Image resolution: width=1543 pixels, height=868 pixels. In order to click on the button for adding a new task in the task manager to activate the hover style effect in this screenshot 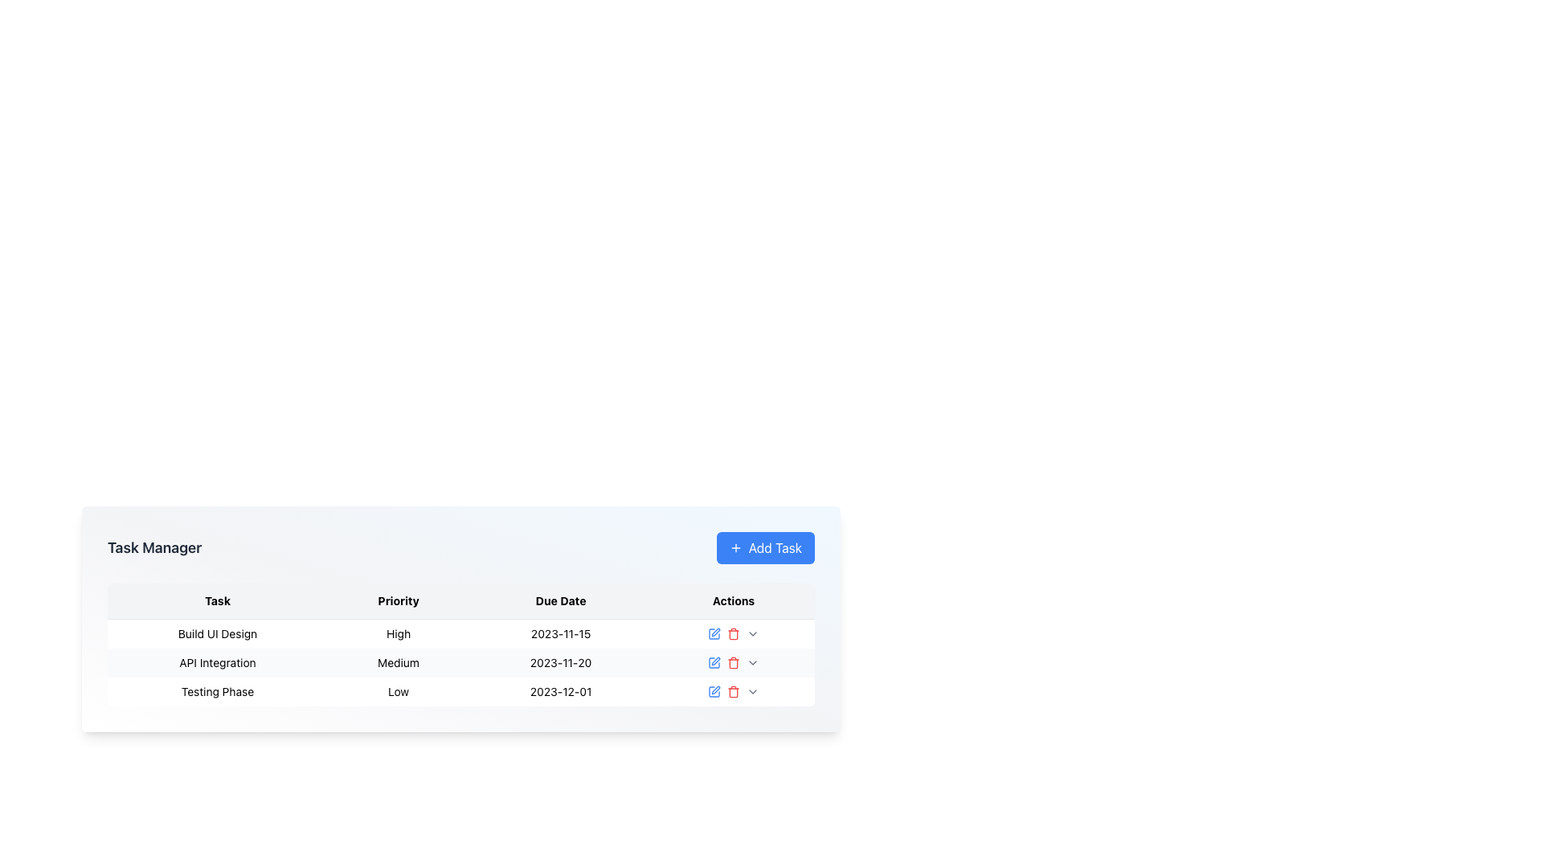, I will do `click(764, 547)`.